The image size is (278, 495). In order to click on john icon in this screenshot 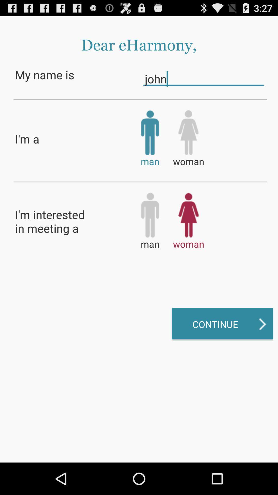, I will do `click(203, 78)`.